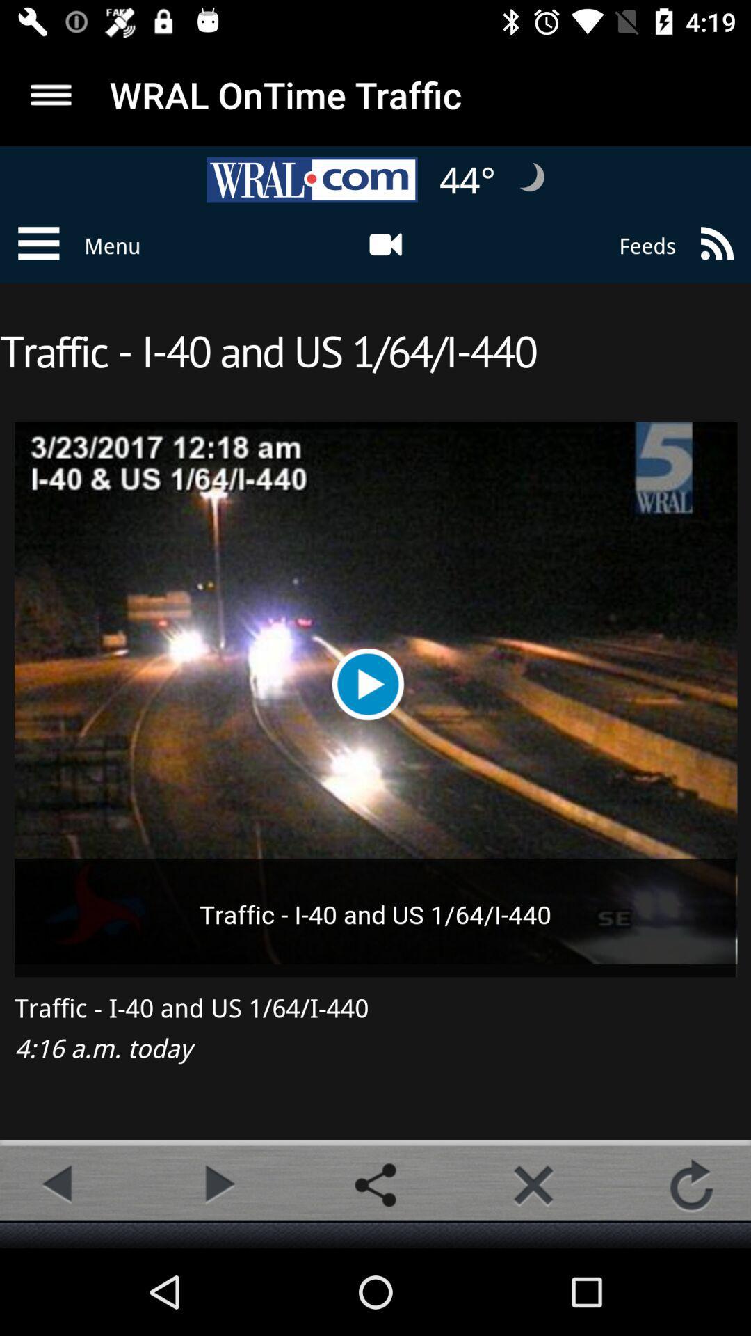  Describe the element at coordinates (58, 1184) in the screenshot. I see `the arrow_backward icon` at that location.